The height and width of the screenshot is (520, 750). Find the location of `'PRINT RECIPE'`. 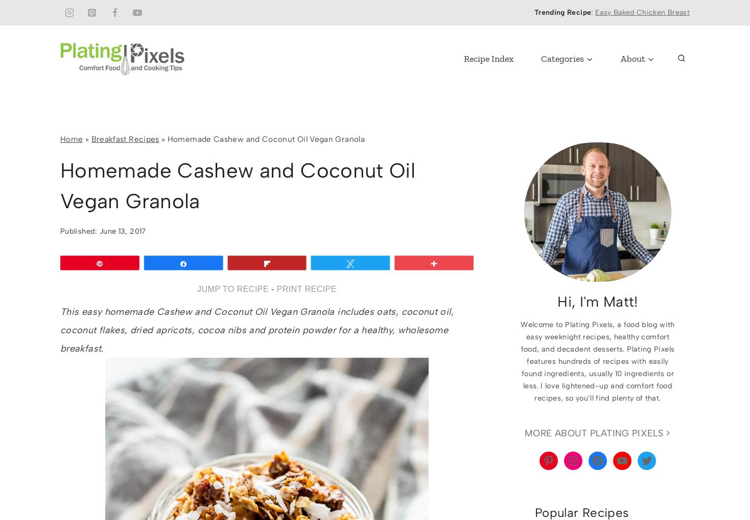

'PRINT RECIPE' is located at coordinates (306, 288).